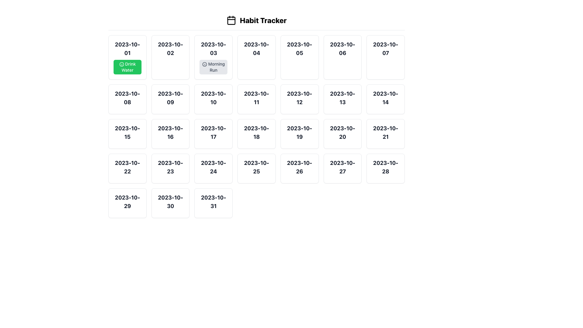  Describe the element at coordinates (299, 169) in the screenshot. I see `the card displaying the date '2023-10-26' in a habit tracker interface` at that location.